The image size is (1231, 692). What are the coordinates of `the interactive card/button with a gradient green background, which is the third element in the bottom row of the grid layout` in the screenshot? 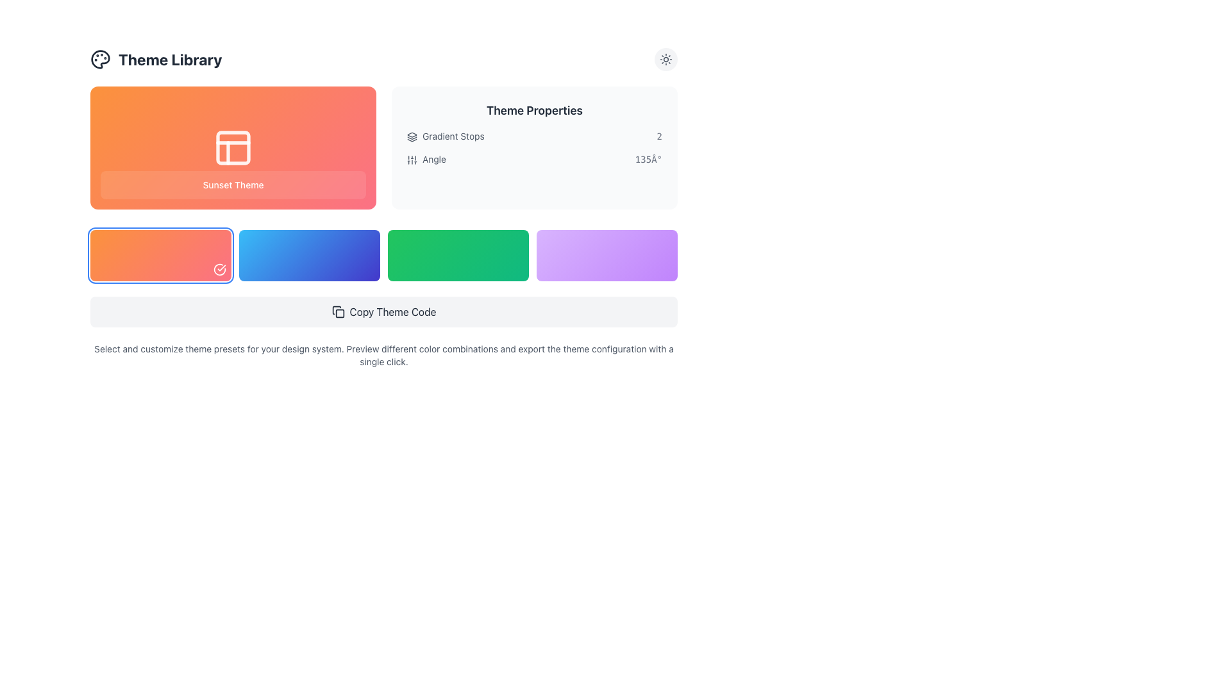 It's located at (458, 255).